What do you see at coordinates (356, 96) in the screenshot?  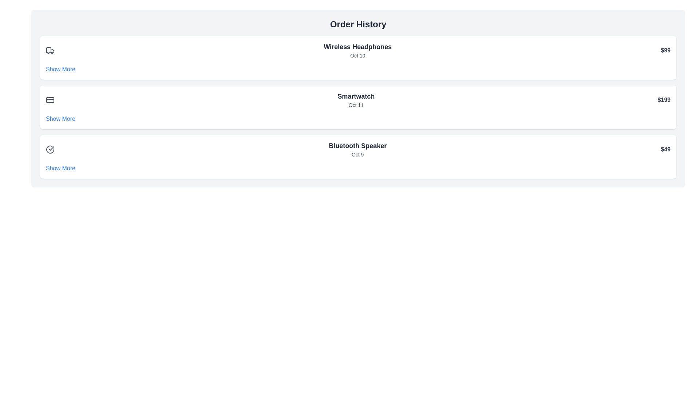 I see `the text label representing the name or title of a product or item in the second item of an ordered list, positioned above the text 'Oct 11'` at bounding box center [356, 96].